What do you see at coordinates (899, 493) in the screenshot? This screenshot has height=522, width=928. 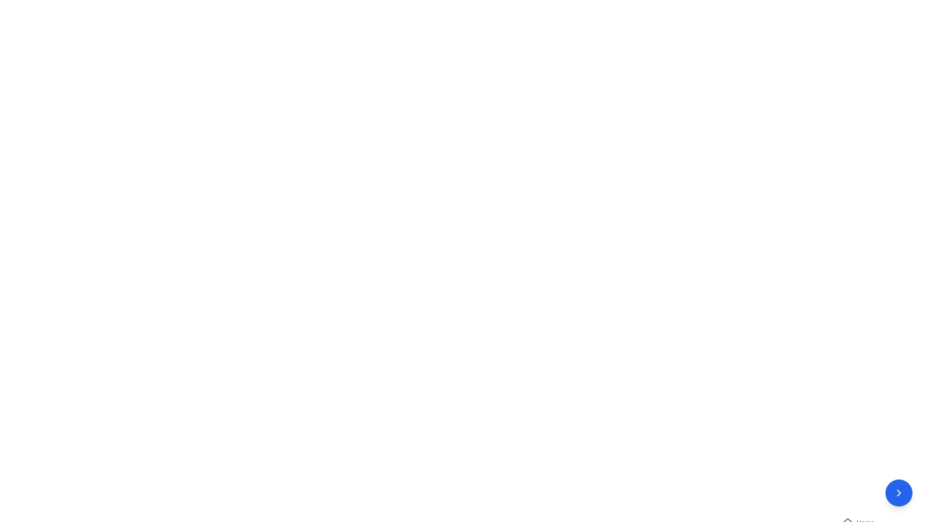 I see `the right directional navigation icon located in the bottom-right corner of the interface, which is set against a circular blue background` at bounding box center [899, 493].